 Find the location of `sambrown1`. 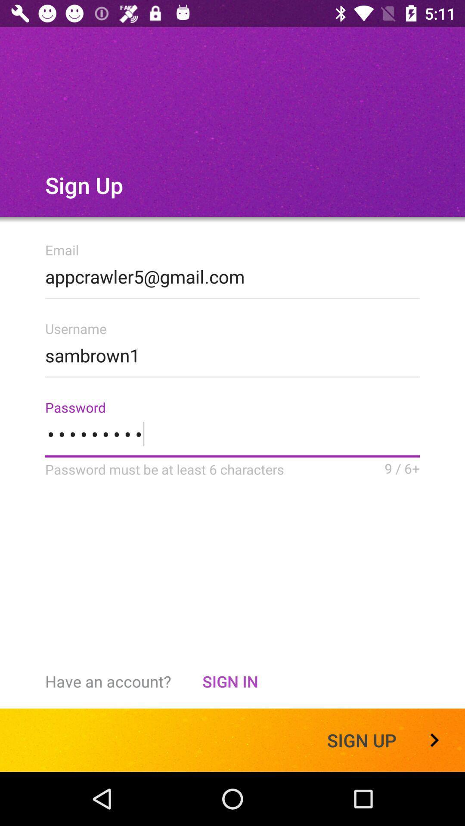

sambrown1 is located at coordinates (232, 353).